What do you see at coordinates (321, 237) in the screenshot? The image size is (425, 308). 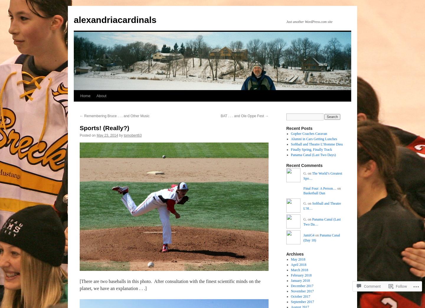 I see `'Panama Canal (Day 18)'` at bounding box center [321, 237].